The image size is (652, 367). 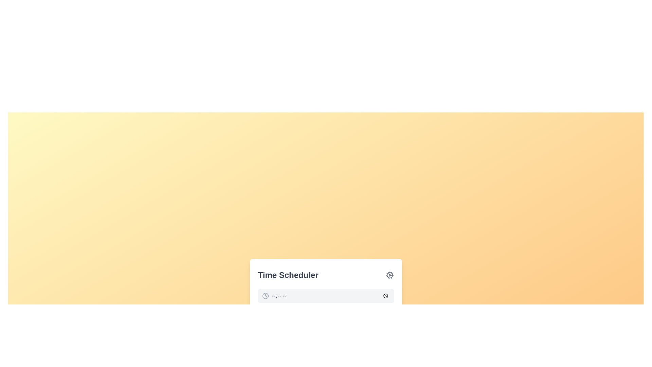 What do you see at coordinates (325, 305) in the screenshot?
I see `the time input field located within the 'Time Scheduler' card, positioned directly below the card's title and to the left of a settings icon, for input` at bounding box center [325, 305].